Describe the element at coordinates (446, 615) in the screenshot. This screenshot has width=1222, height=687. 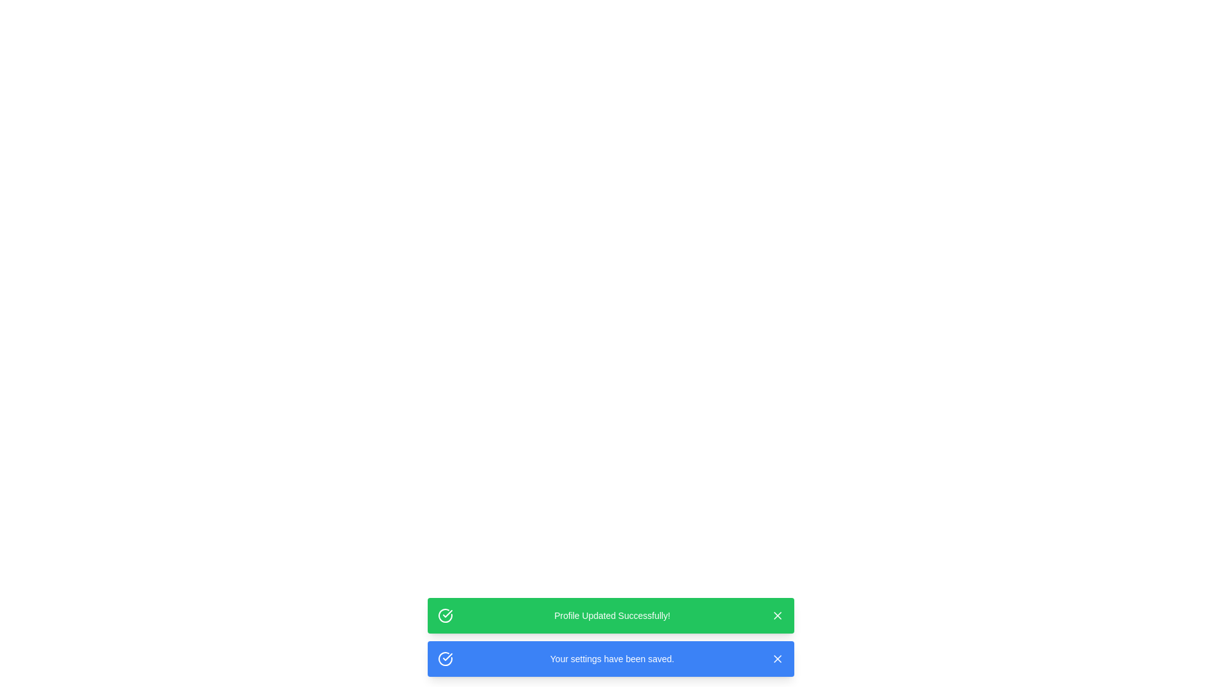
I see `the green circle SVG icon with a check mark inside, which symbolizes confirmation and is located at the top-left side of the green notification bar preceding the message 'Profile Updated Successfully!'` at that location.